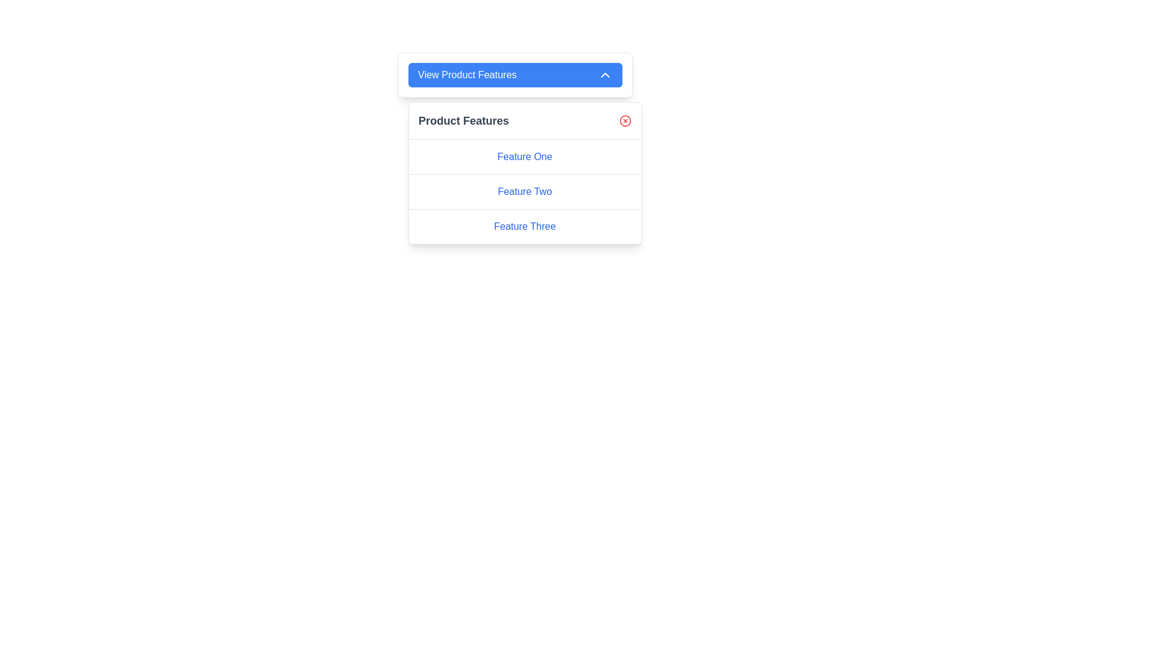 This screenshot has width=1174, height=660. What do you see at coordinates (525, 174) in the screenshot?
I see `the 'Product Features' dropdown menu, which is styled with a white background and contains interactive items labeled 'Feature One', 'Feature Two', and 'Feature Three'` at bounding box center [525, 174].